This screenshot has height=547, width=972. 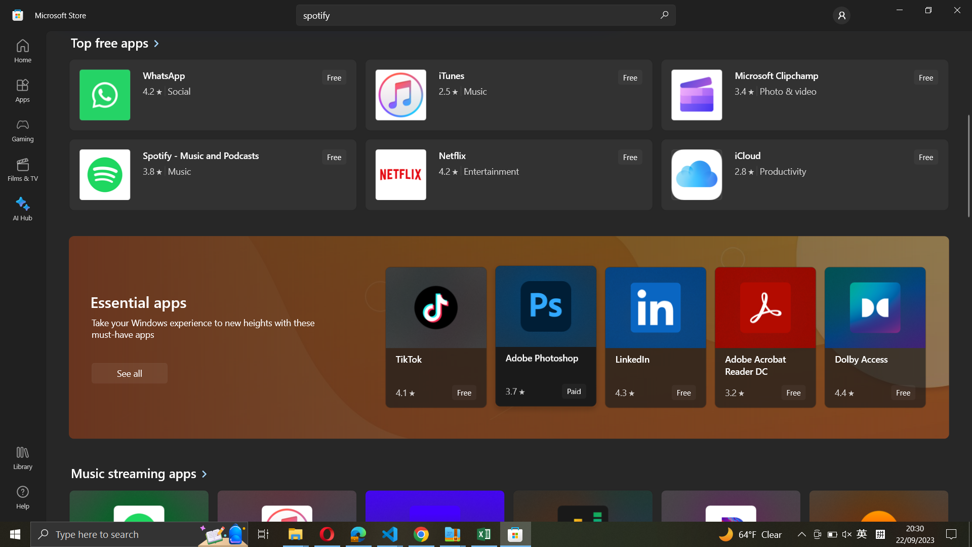 I want to click on Activate Microsoft Clipchamp, so click(x=803, y=94).